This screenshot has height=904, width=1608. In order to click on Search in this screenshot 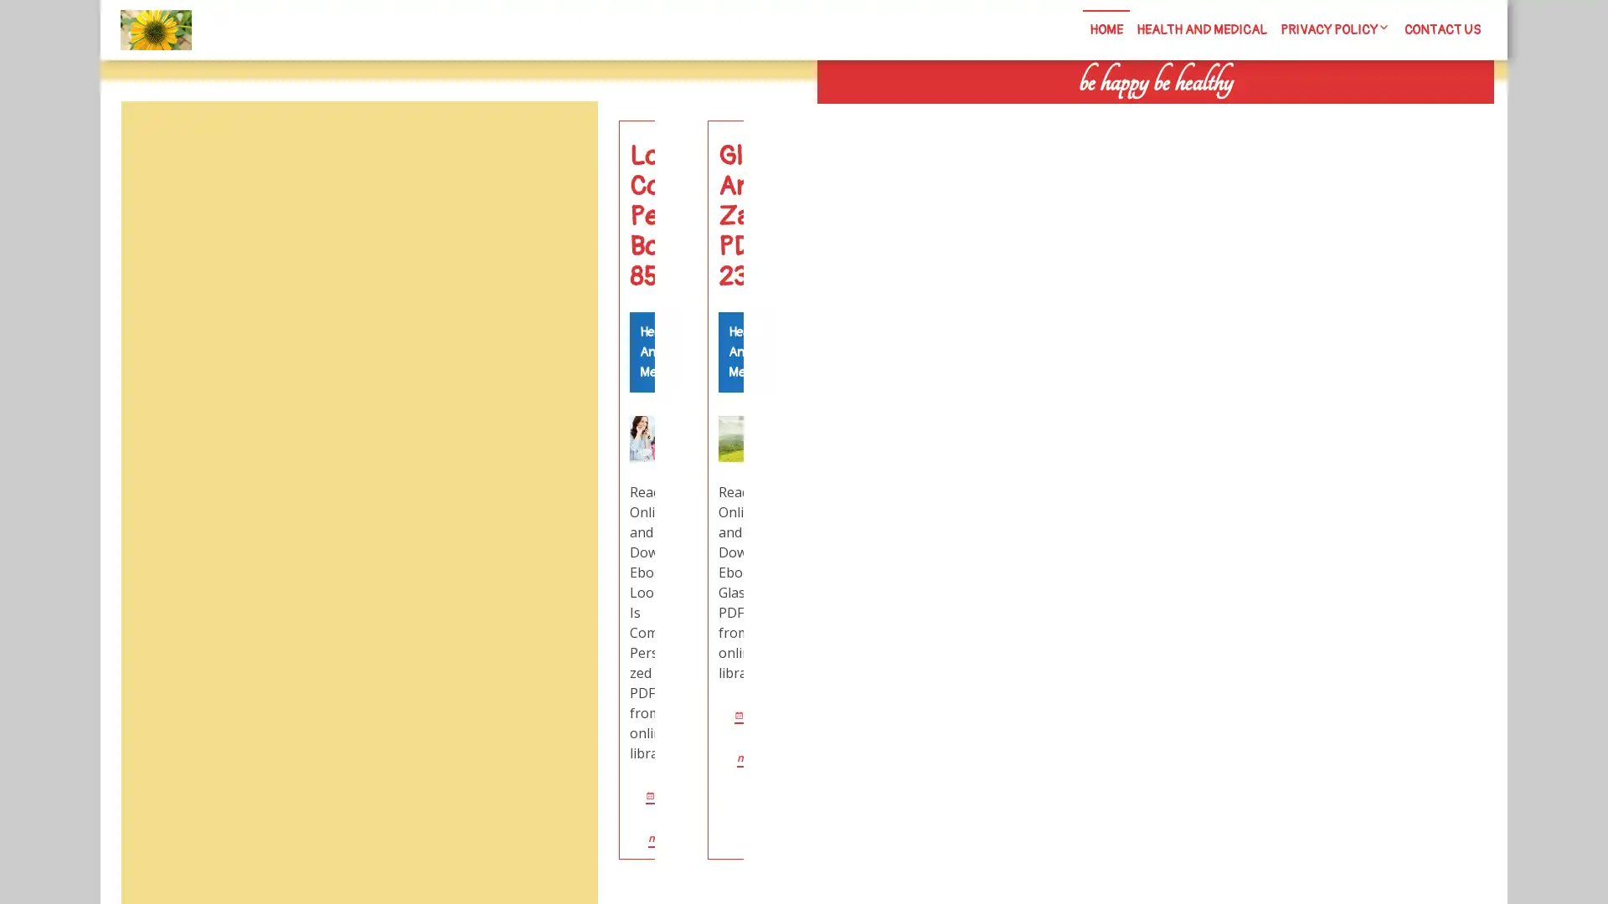, I will do `click(559, 141)`.